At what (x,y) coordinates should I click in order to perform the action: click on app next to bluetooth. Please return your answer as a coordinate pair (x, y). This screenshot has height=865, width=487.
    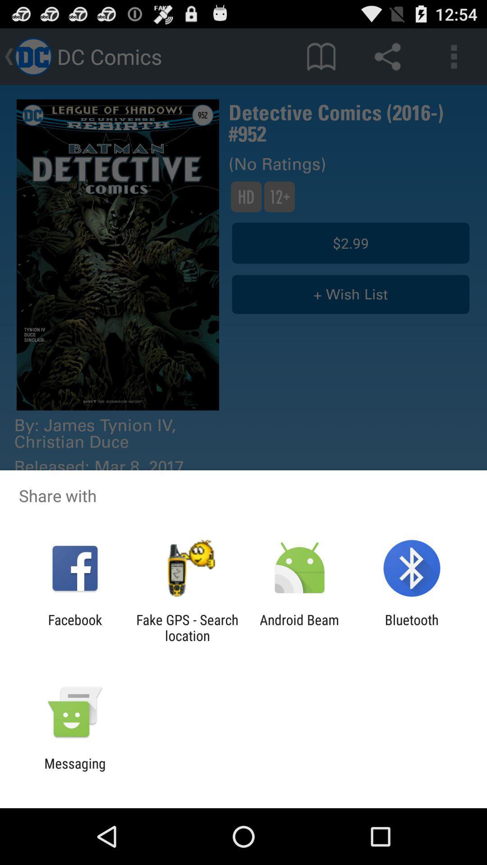
    Looking at the image, I should click on (299, 627).